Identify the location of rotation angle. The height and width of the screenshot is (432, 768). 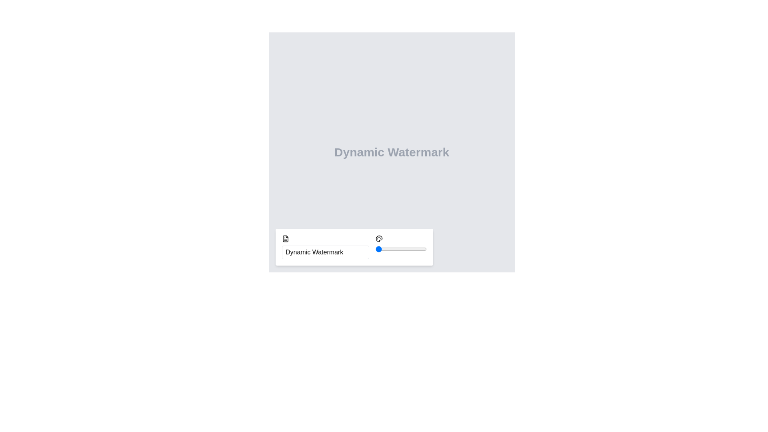
(383, 249).